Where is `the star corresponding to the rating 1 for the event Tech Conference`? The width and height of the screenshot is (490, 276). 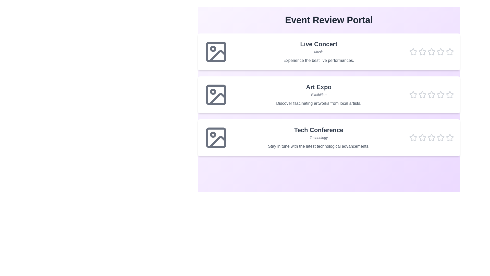
the star corresponding to the rating 1 for the event Tech Conference is located at coordinates (413, 137).